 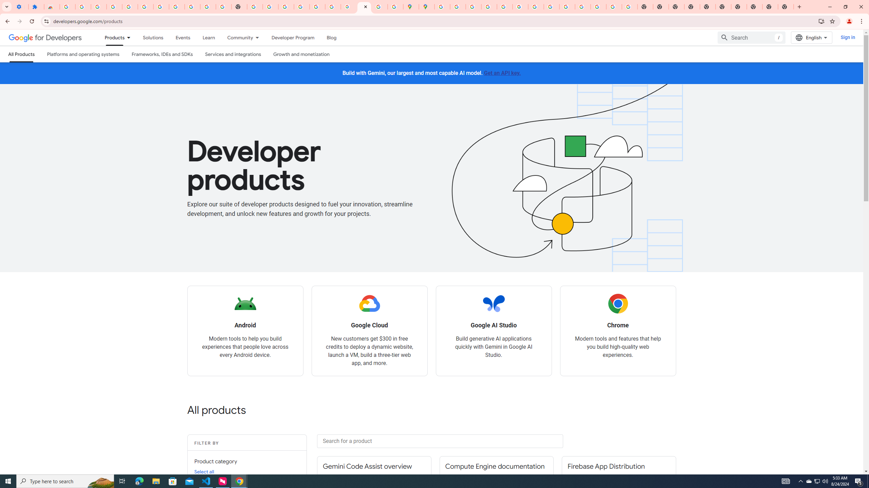 I want to click on 'English', so click(x=811, y=38).